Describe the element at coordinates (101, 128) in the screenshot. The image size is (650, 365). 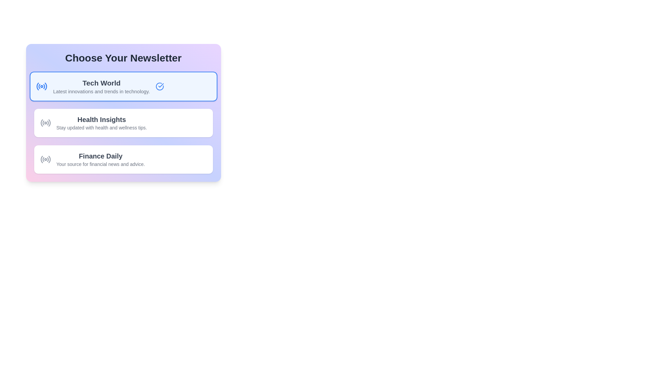
I see `the descriptive tagline element located below the 'Health Insights' heading text within the 'Health Insights' card` at that location.